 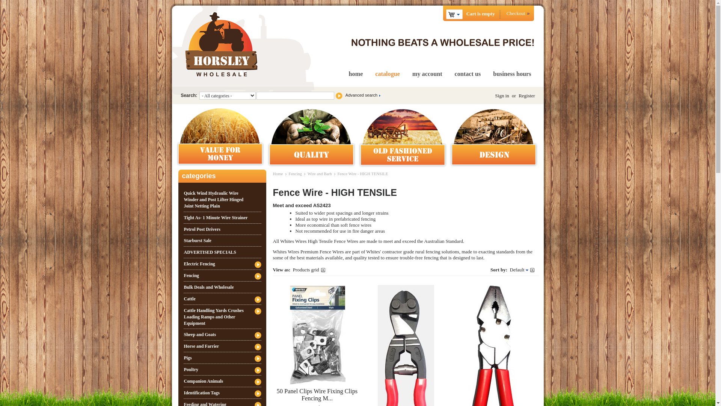 What do you see at coordinates (183, 358) in the screenshot?
I see `'Pigs'` at bounding box center [183, 358].